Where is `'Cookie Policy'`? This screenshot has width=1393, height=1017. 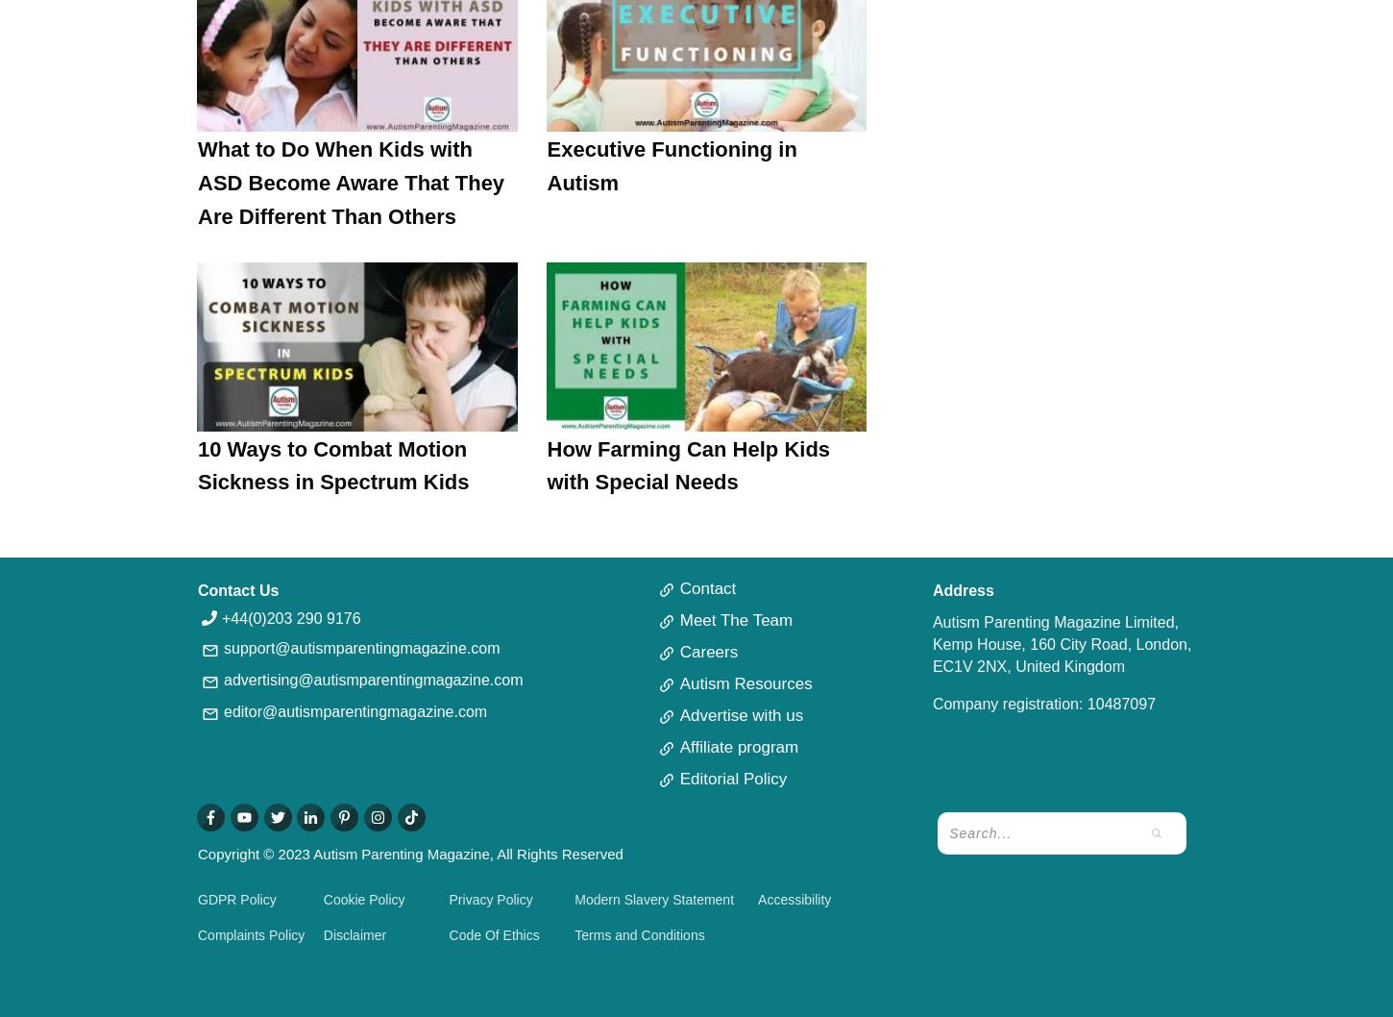
'Cookie Policy' is located at coordinates (362, 900).